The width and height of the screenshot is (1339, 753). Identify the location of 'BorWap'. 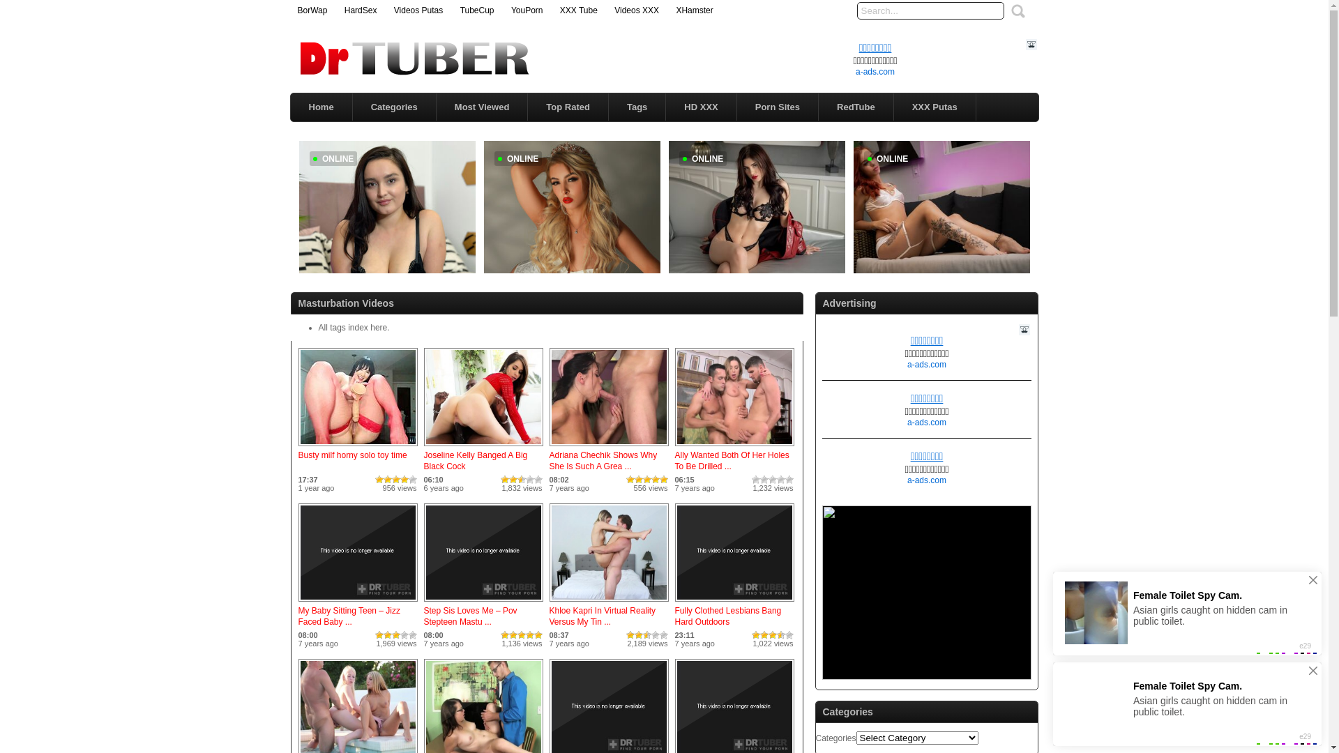
(311, 10).